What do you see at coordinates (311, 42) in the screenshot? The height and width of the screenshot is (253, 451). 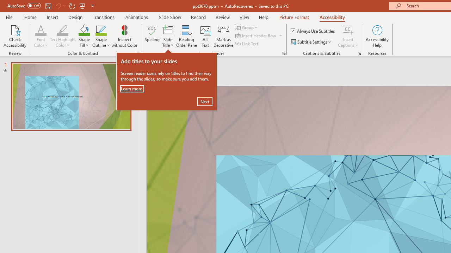 I see `'Subtitle Settings'` at bounding box center [311, 42].